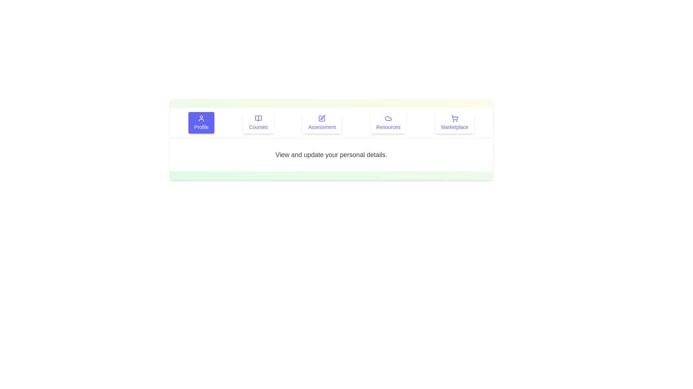  What do you see at coordinates (388, 118) in the screenshot?
I see `the small cloud-shaped icon above the 'Resources' label, which is the fourth item in the horizontal navigation menu` at bounding box center [388, 118].